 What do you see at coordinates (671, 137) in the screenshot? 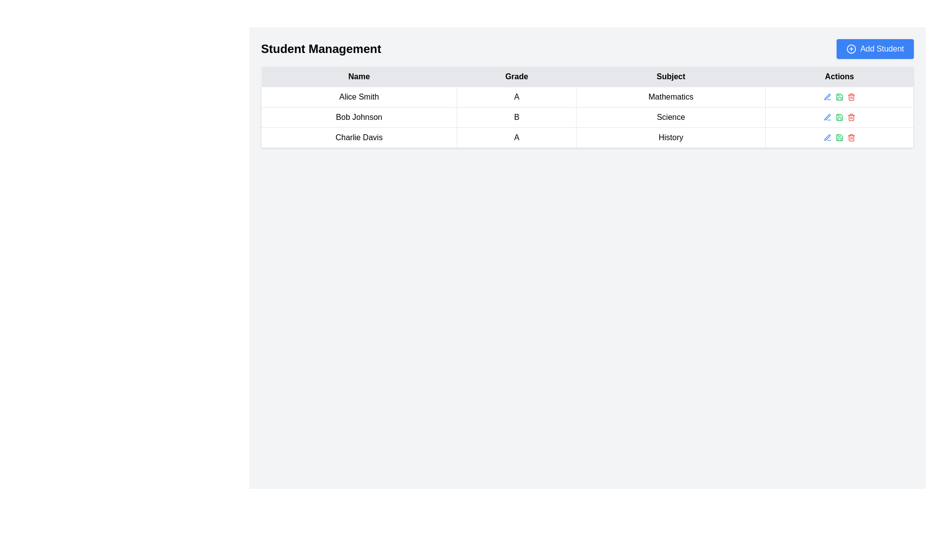
I see `the non-interactive text label displaying 'History' for the student 'Charlie Davis' in the fourth cell of the table's 'Subject' column` at bounding box center [671, 137].